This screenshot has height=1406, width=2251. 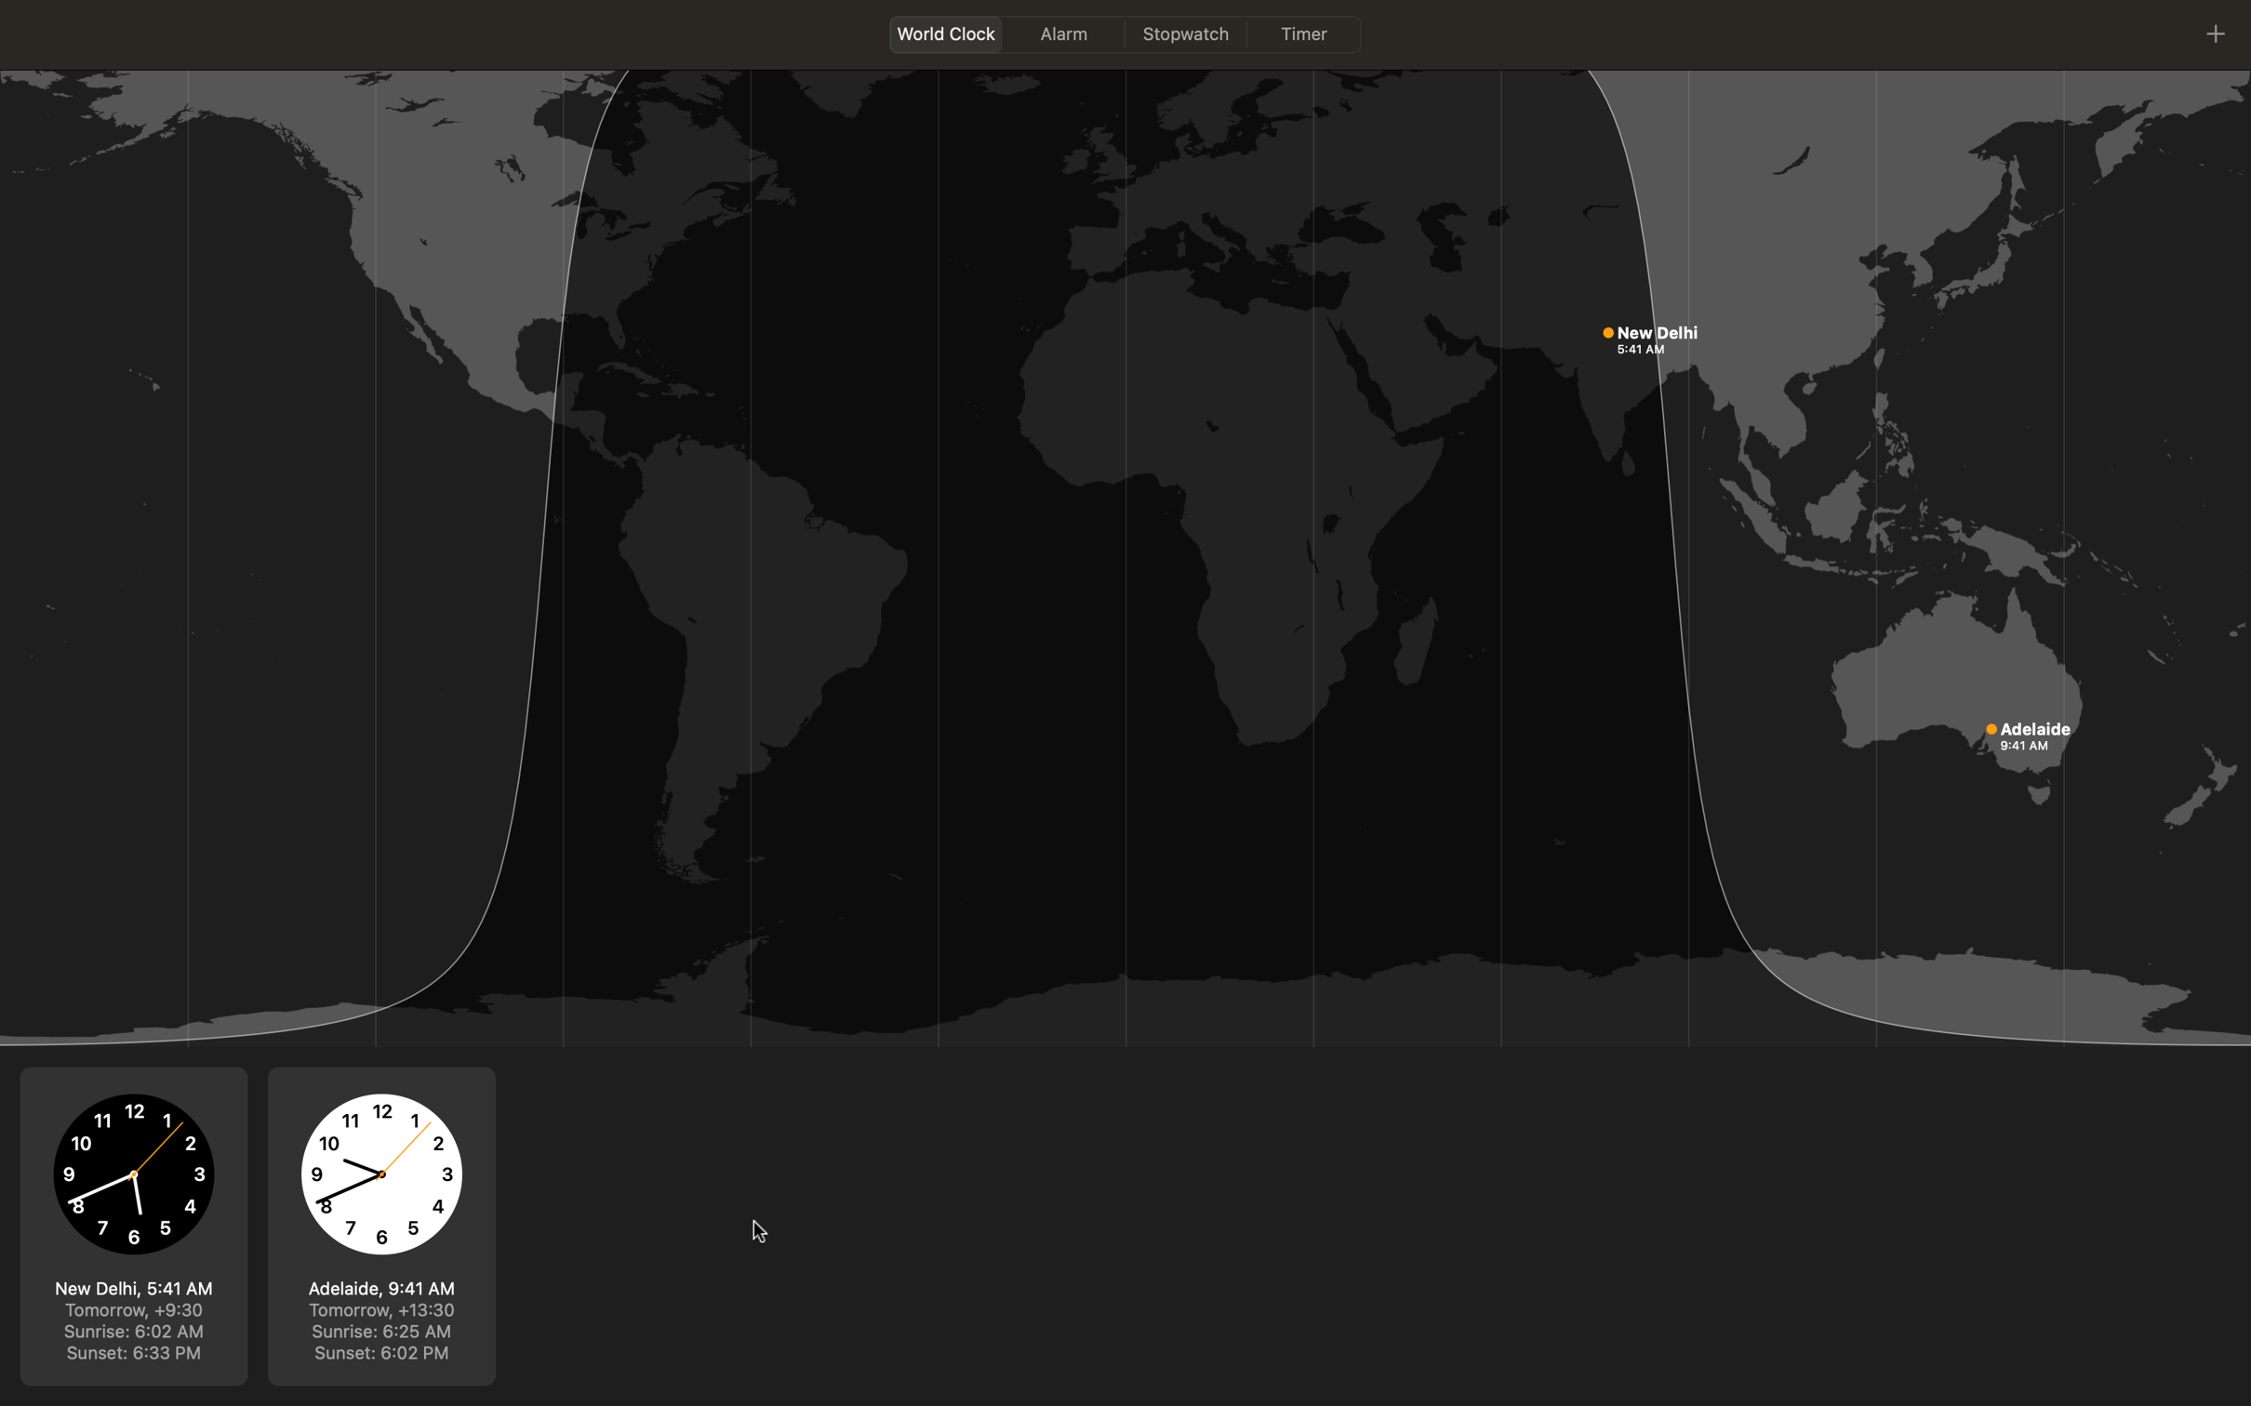 What do you see at coordinates (1305, 33) in the screenshot?
I see `Switch to Timer tab` at bounding box center [1305, 33].